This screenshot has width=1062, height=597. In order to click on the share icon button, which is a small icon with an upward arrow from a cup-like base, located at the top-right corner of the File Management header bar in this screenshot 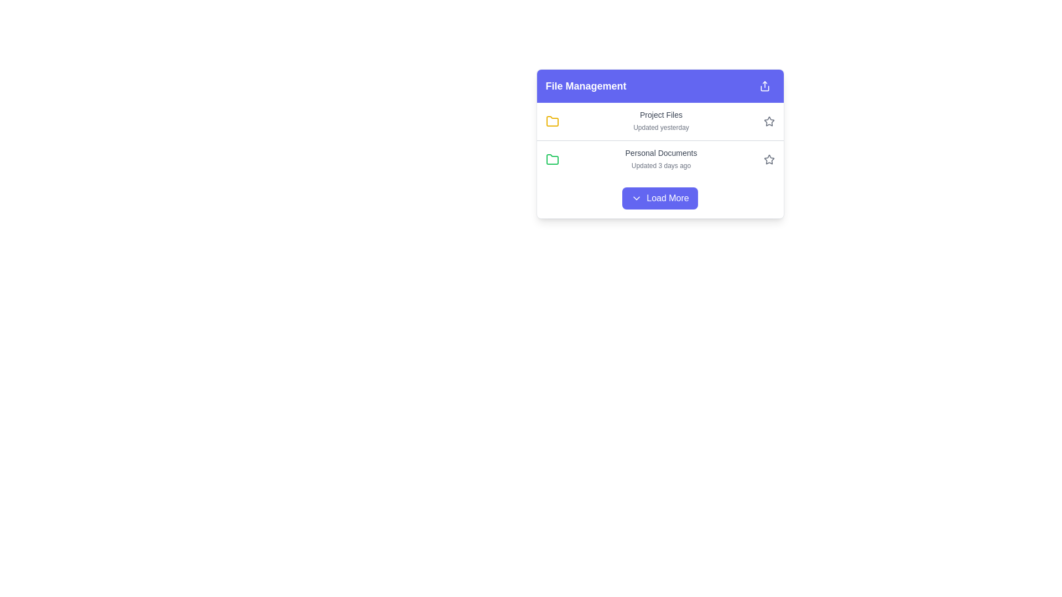, I will do `click(764, 85)`.